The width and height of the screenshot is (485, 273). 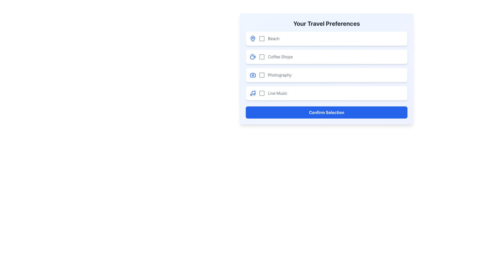 I want to click on the 'Coffee Shops' text label, which is located in the second row of the vertical list under 'Your Travel Preferences', positioned between a blue coffee icon and a checkbox, so click(x=280, y=57).